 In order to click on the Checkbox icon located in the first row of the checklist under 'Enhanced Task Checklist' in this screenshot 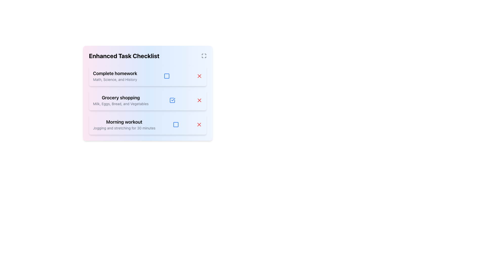, I will do `click(167, 76)`.